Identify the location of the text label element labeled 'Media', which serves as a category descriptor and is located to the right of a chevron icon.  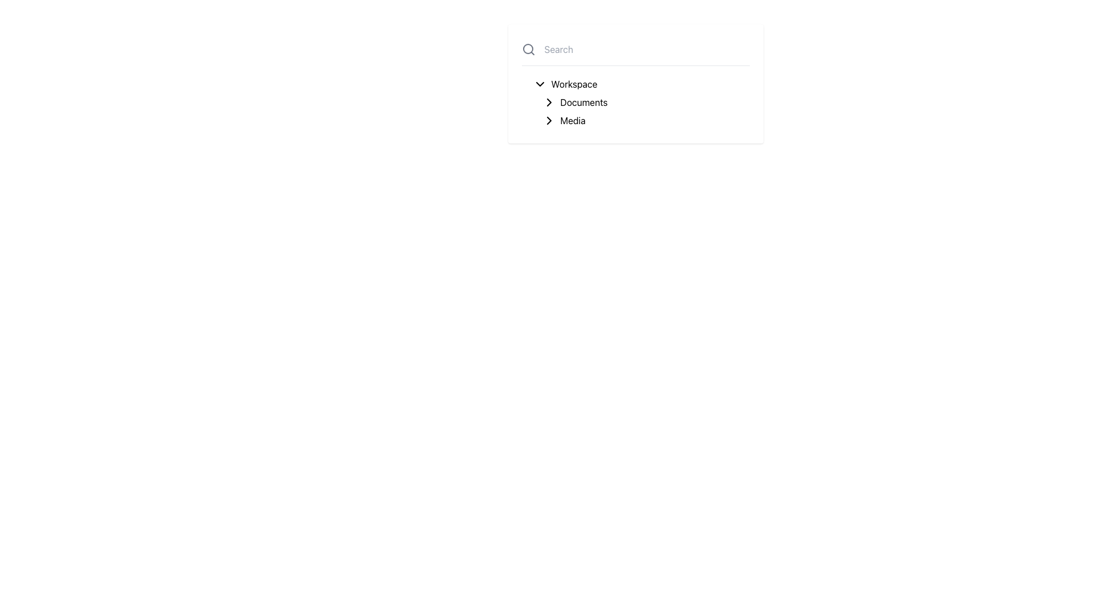
(573, 121).